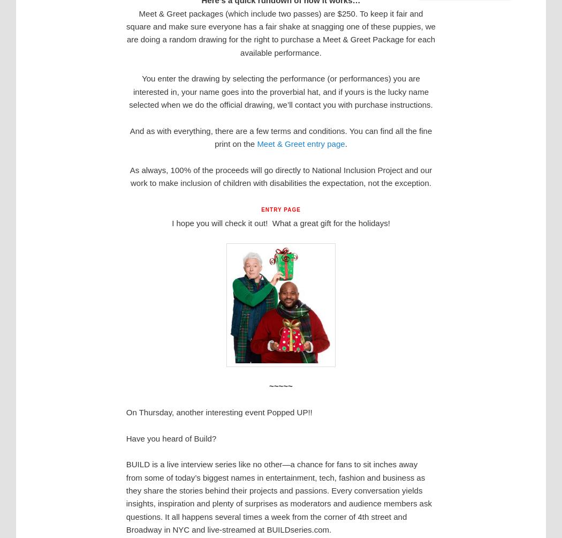  Describe the element at coordinates (125, 496) in the screenshot. I see `'BUILD is a live interview series like no other—a chance for fans to sit inches away from some of today’s biggest names in entertainment, tech, fashion and business as they share the stories behind their projects and passions. Every conversation yields insights, inspiration and plenty of surprises as moderators and audience members ask questions. It all happens several times a week from the corner of 4th street and Broadway in NYC and live-streamed at BUILDseries.com.'` at that location.